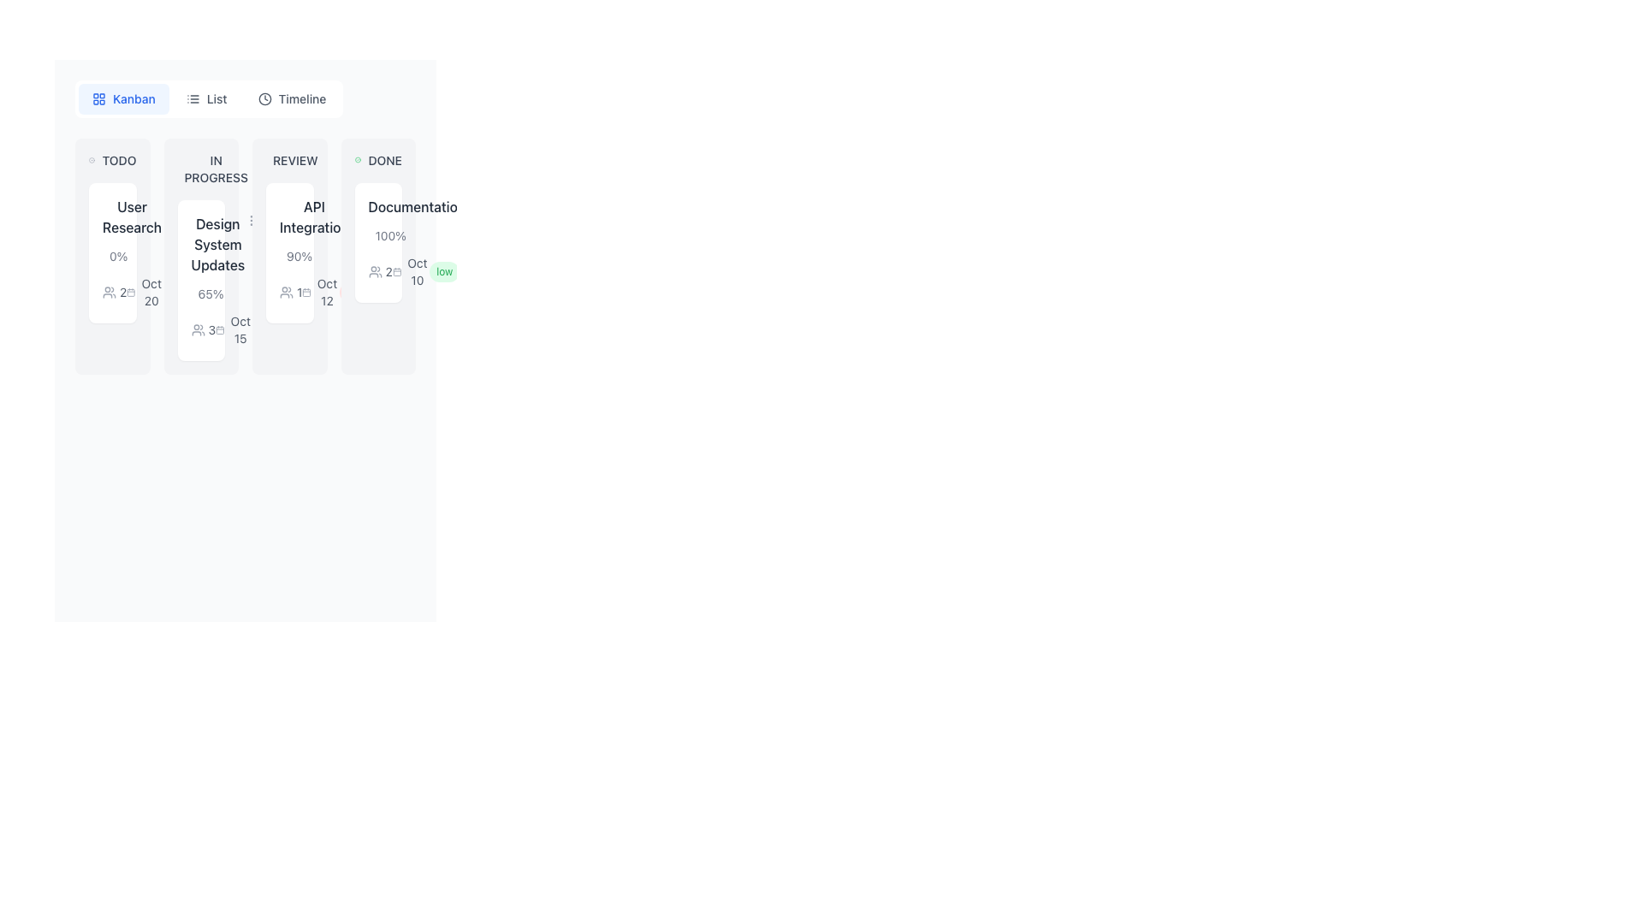 This screenshot has width=1643, height=924. What do you see at coordinates (201, 244) in the screenshot?
I see `the text label displaying 'Design System Updates' located in the 'IN PROGRESS' column of the Kanban board` at bounding box center [201, 244].